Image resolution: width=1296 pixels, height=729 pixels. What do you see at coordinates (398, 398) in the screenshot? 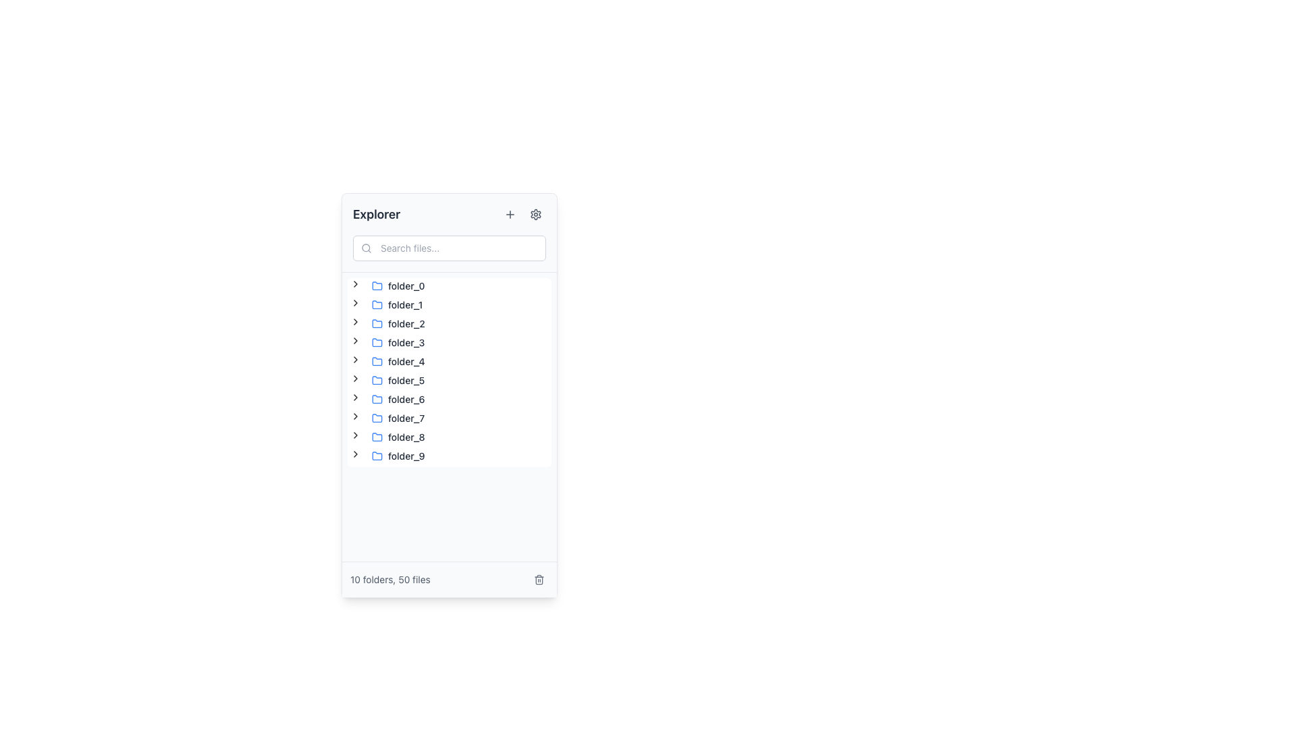
I see `the 'folder_6' list item, which includes a blue folder icon and a label` at bounding box center [398, 398].